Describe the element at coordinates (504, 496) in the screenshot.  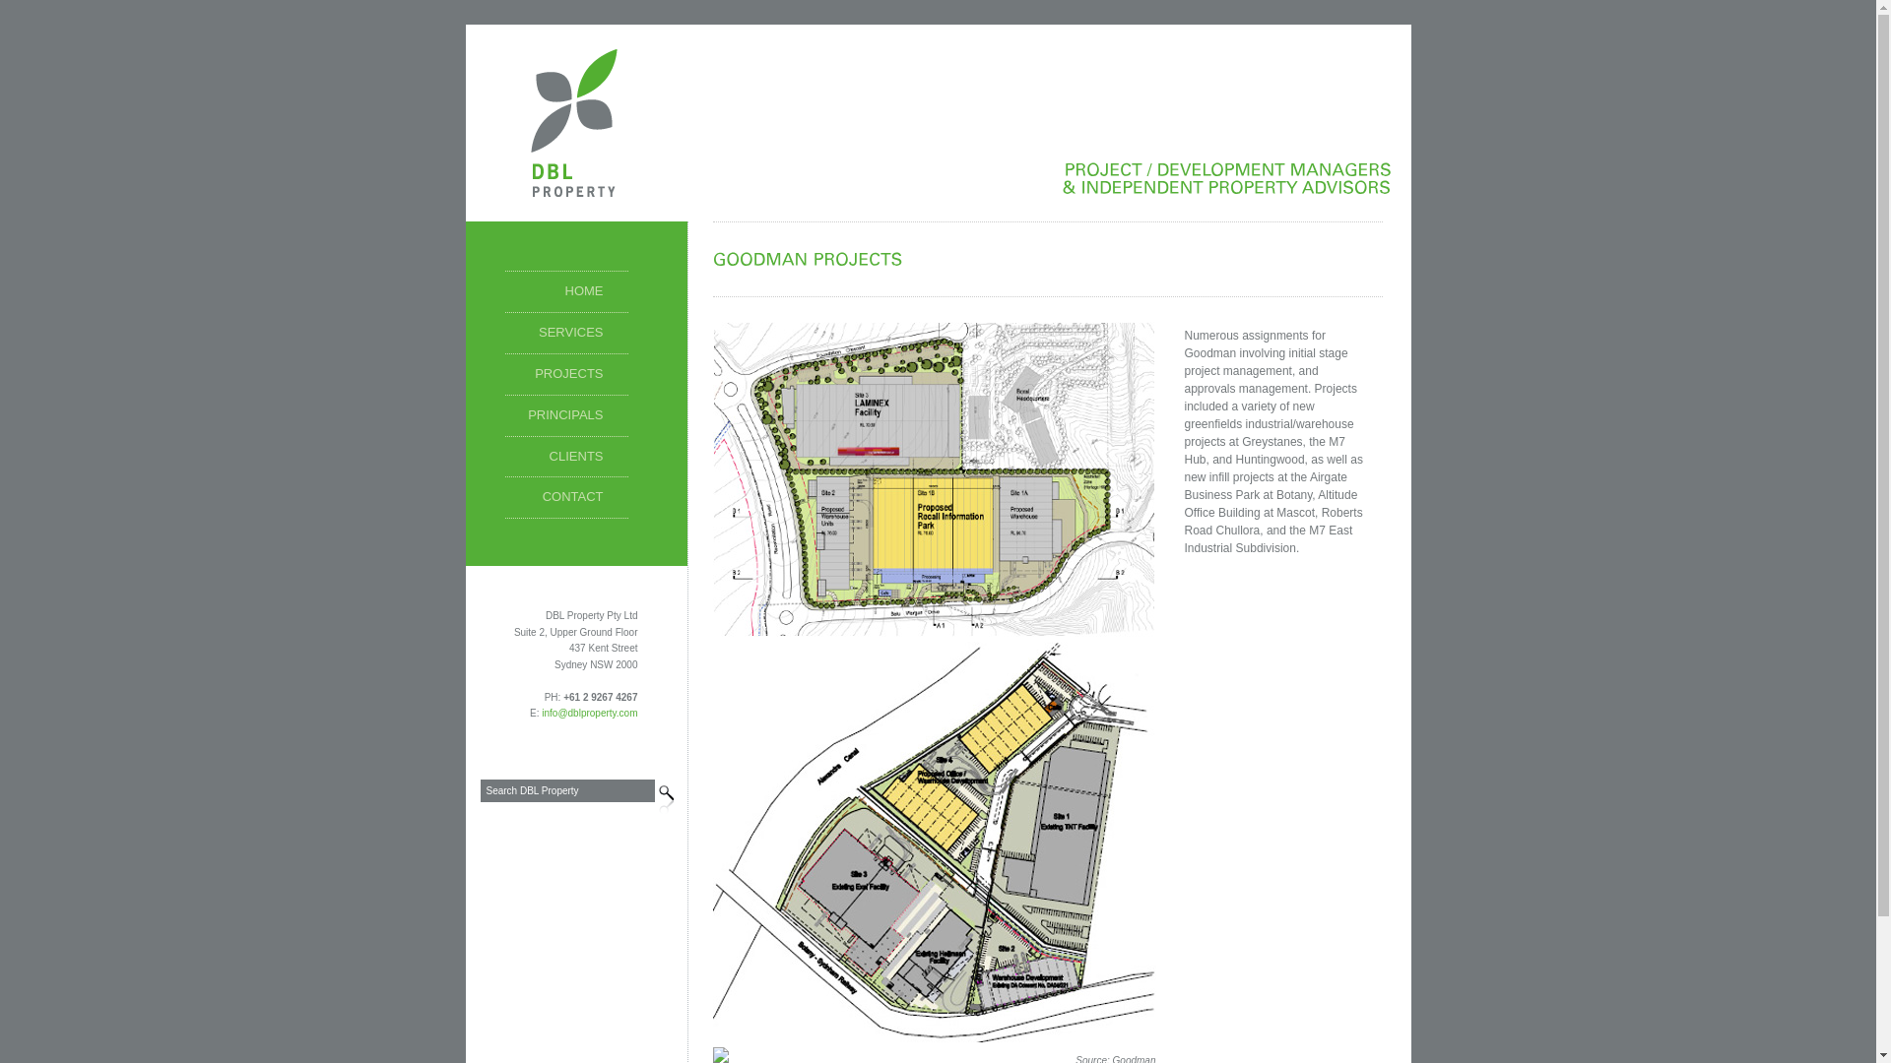
I see `'CONTACT'` at that location.